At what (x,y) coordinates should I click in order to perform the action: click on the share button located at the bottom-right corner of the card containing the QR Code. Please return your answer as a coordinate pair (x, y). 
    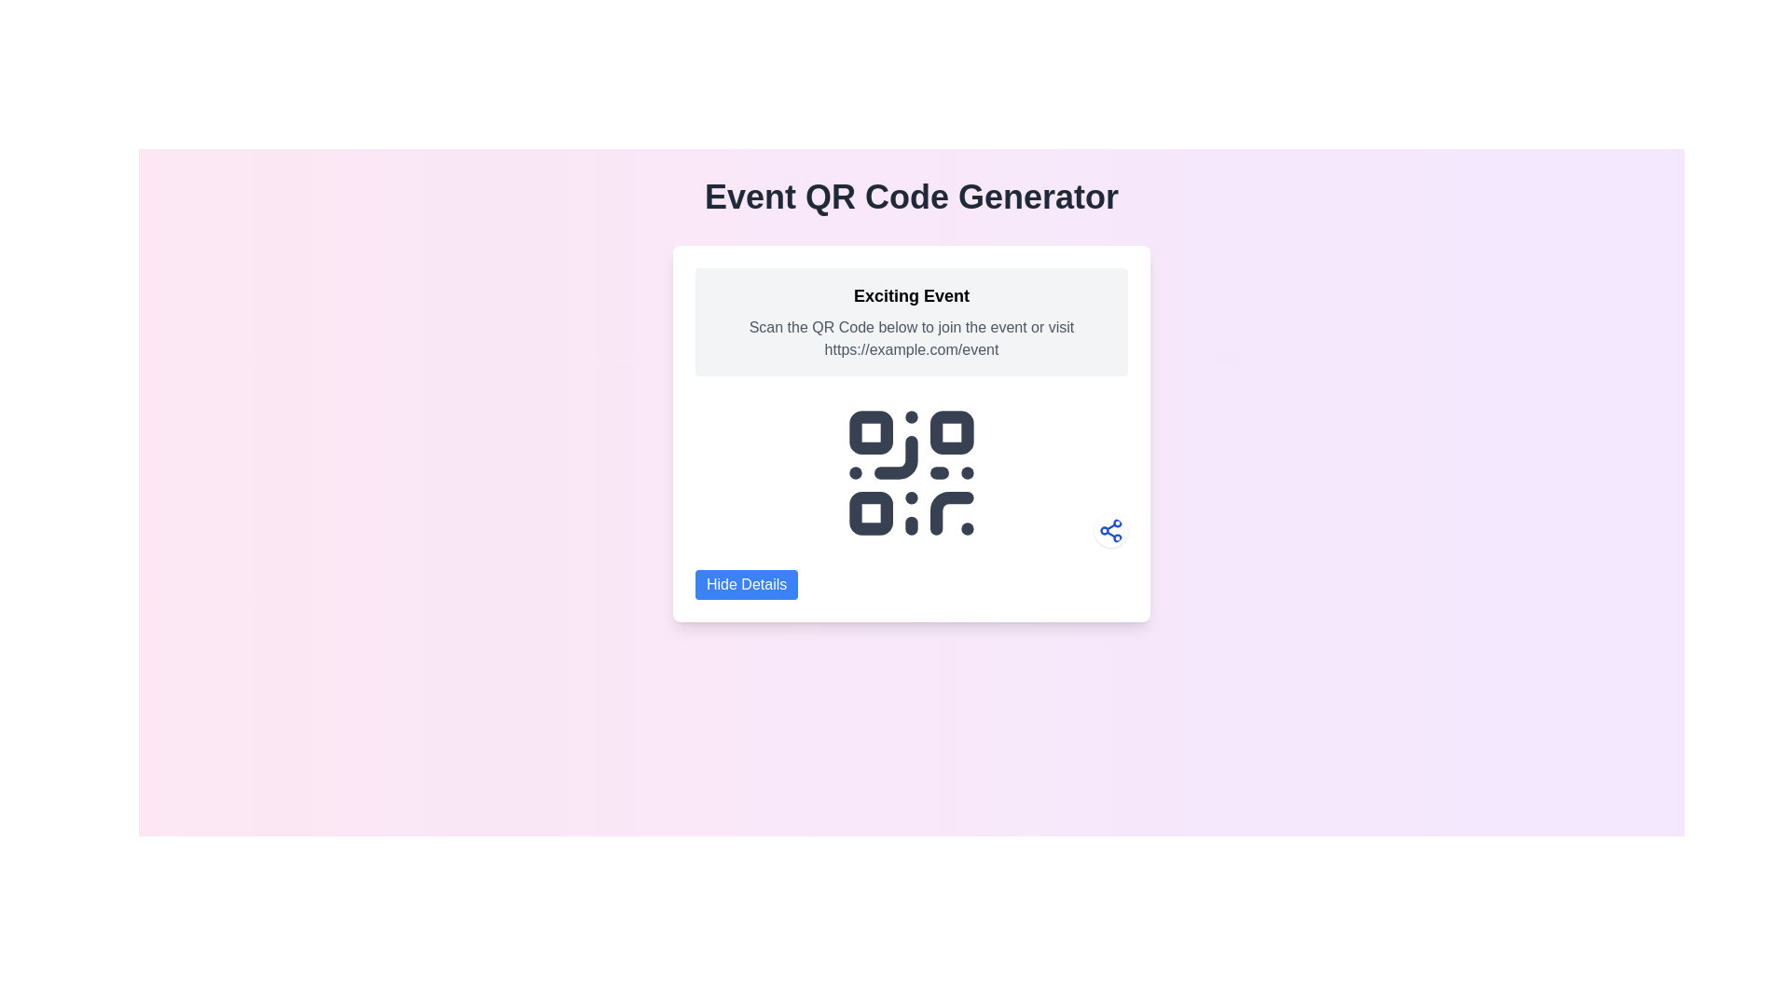
    Looking at the image, I should click on (1110, 531).